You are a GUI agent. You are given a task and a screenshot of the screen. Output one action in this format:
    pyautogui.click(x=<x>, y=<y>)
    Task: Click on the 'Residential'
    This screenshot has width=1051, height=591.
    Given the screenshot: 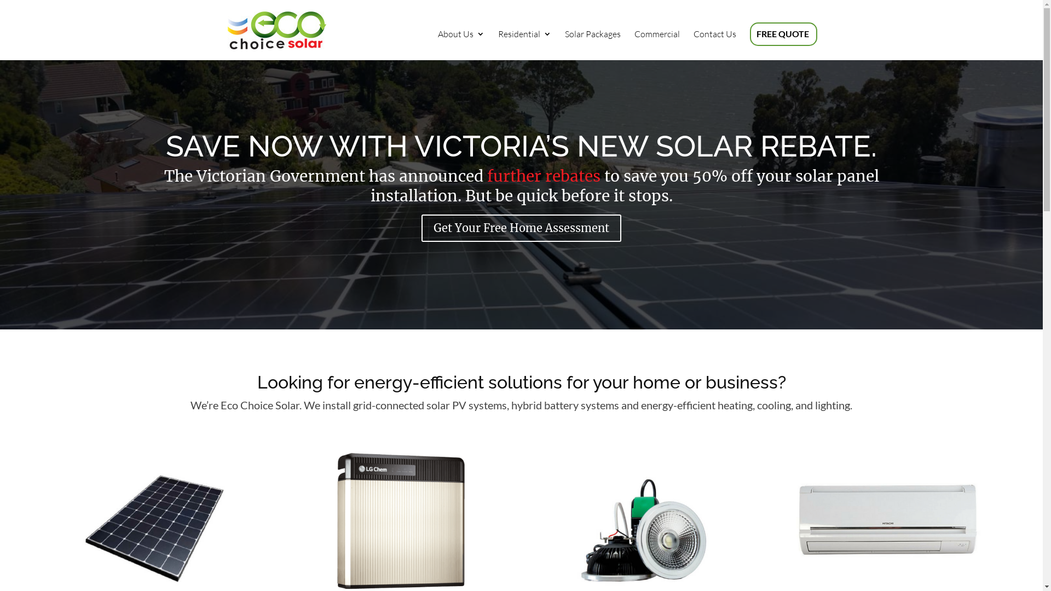 What is the action you would take?
    pyautogui.click(x=524, y=44)
    